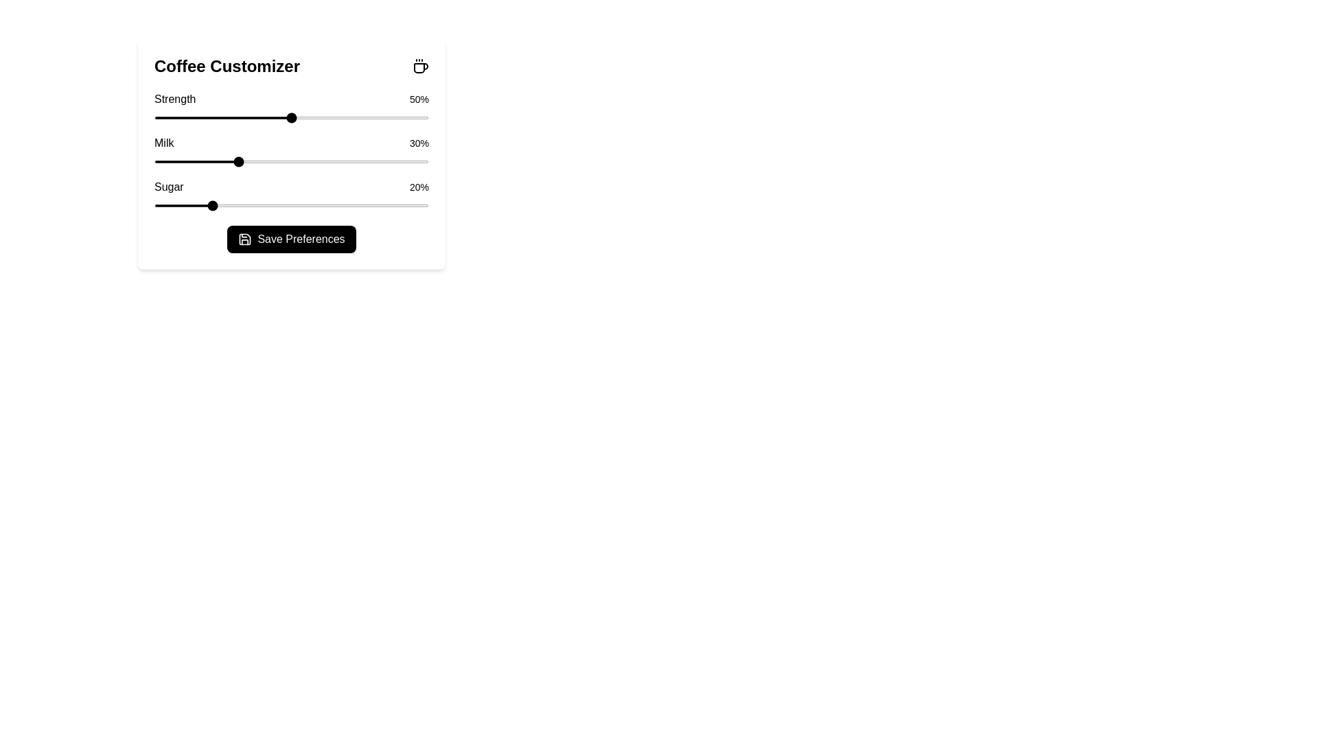 This screenshot has width=1318, height=741. I want to click on sugar level, so click(291, 206).